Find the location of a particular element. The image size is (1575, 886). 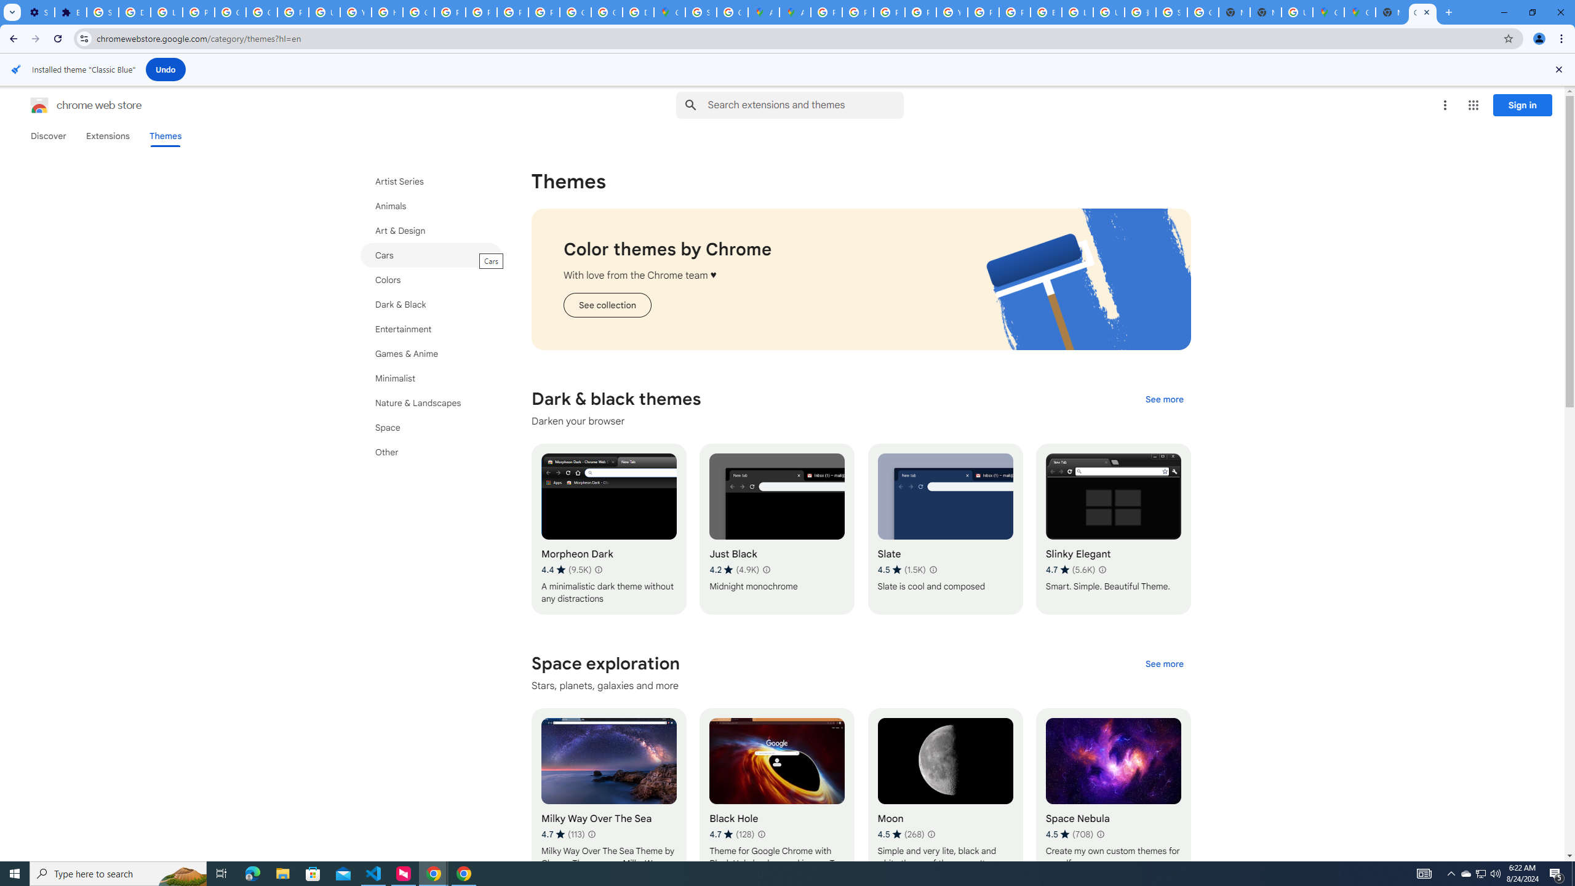

'Entertainment' is located at coordinates (431, 328).